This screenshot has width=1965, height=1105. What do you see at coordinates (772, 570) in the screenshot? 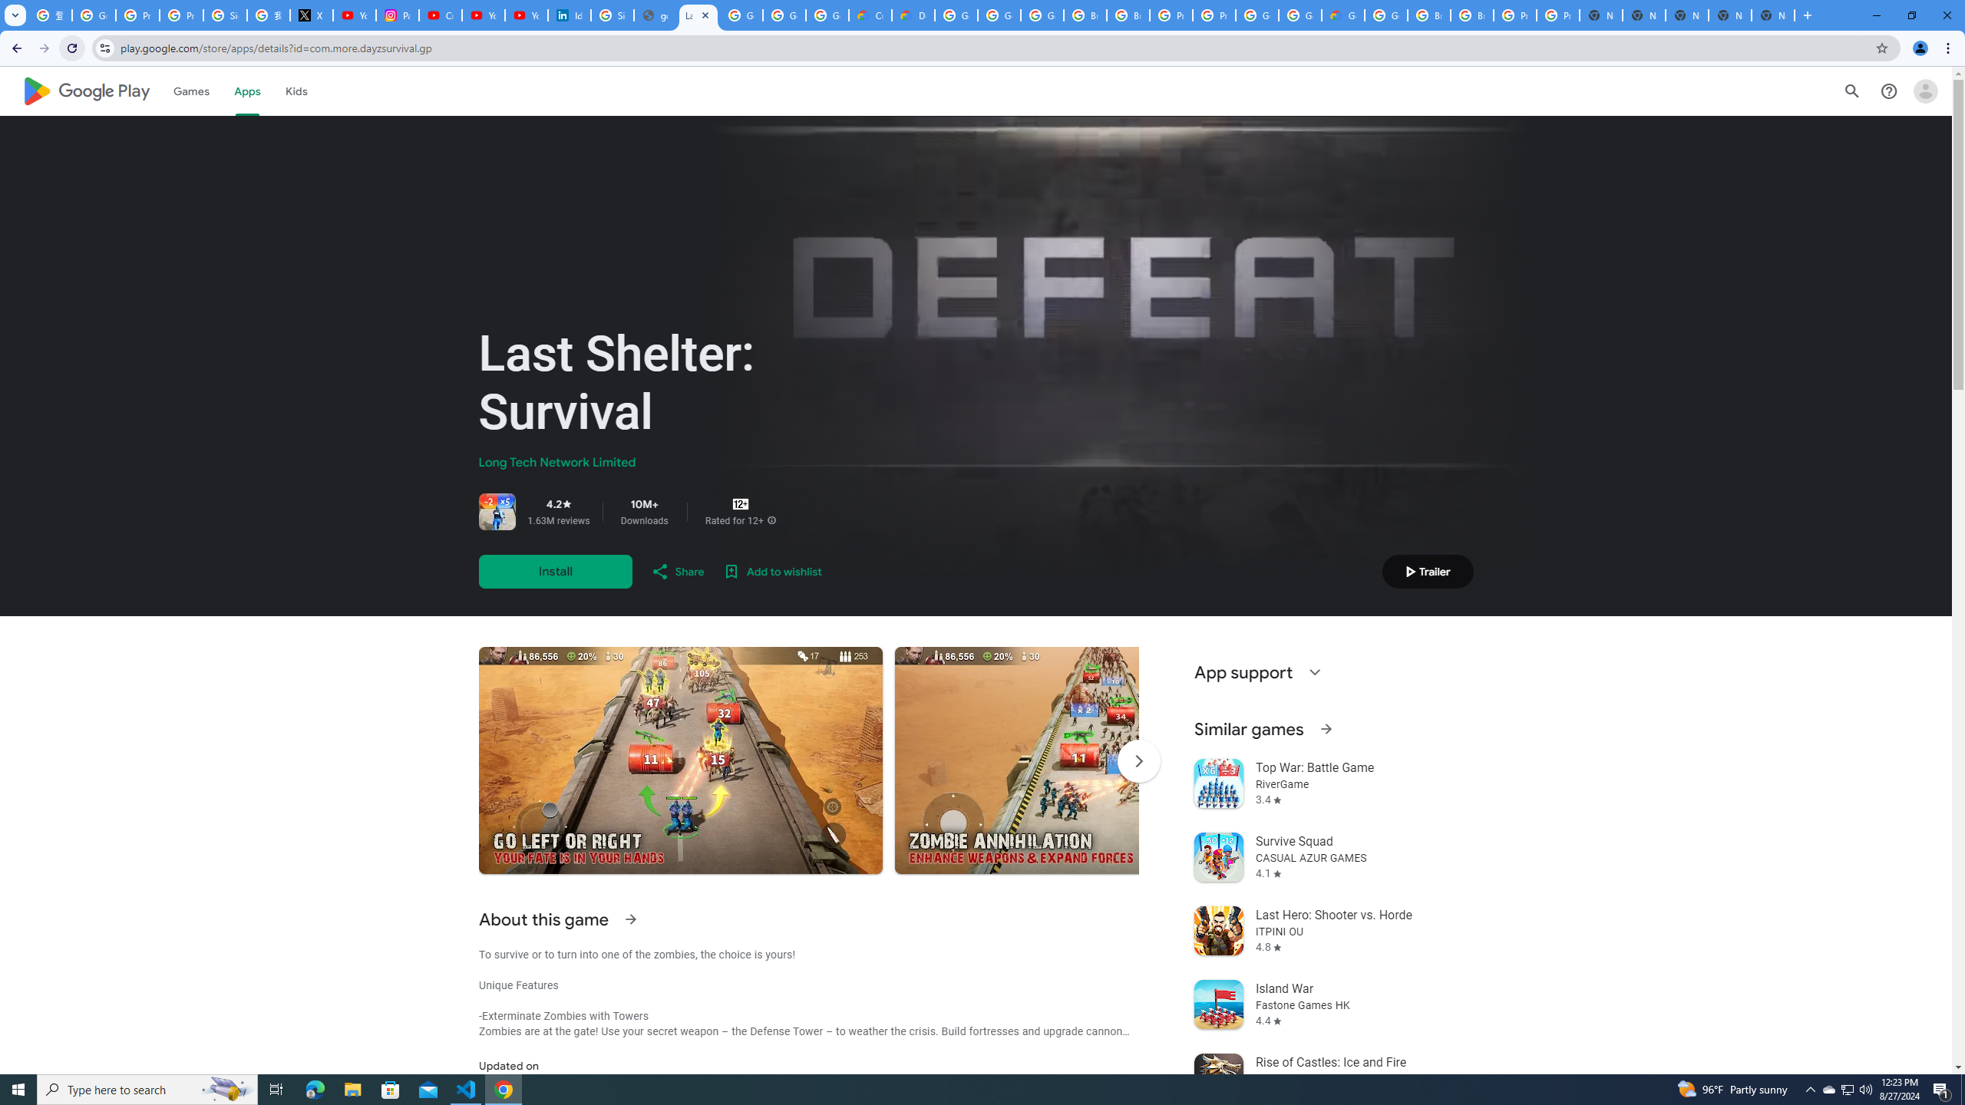
I see `'Add to wishlist'` at bounding box center [772, 570].